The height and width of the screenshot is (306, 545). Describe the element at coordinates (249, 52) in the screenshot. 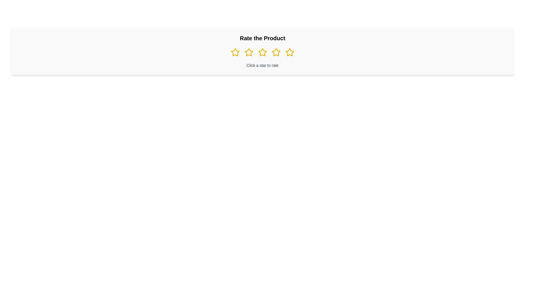

I see `the second star icon, which is a yellow hollow star used for rating functionality` at that location.